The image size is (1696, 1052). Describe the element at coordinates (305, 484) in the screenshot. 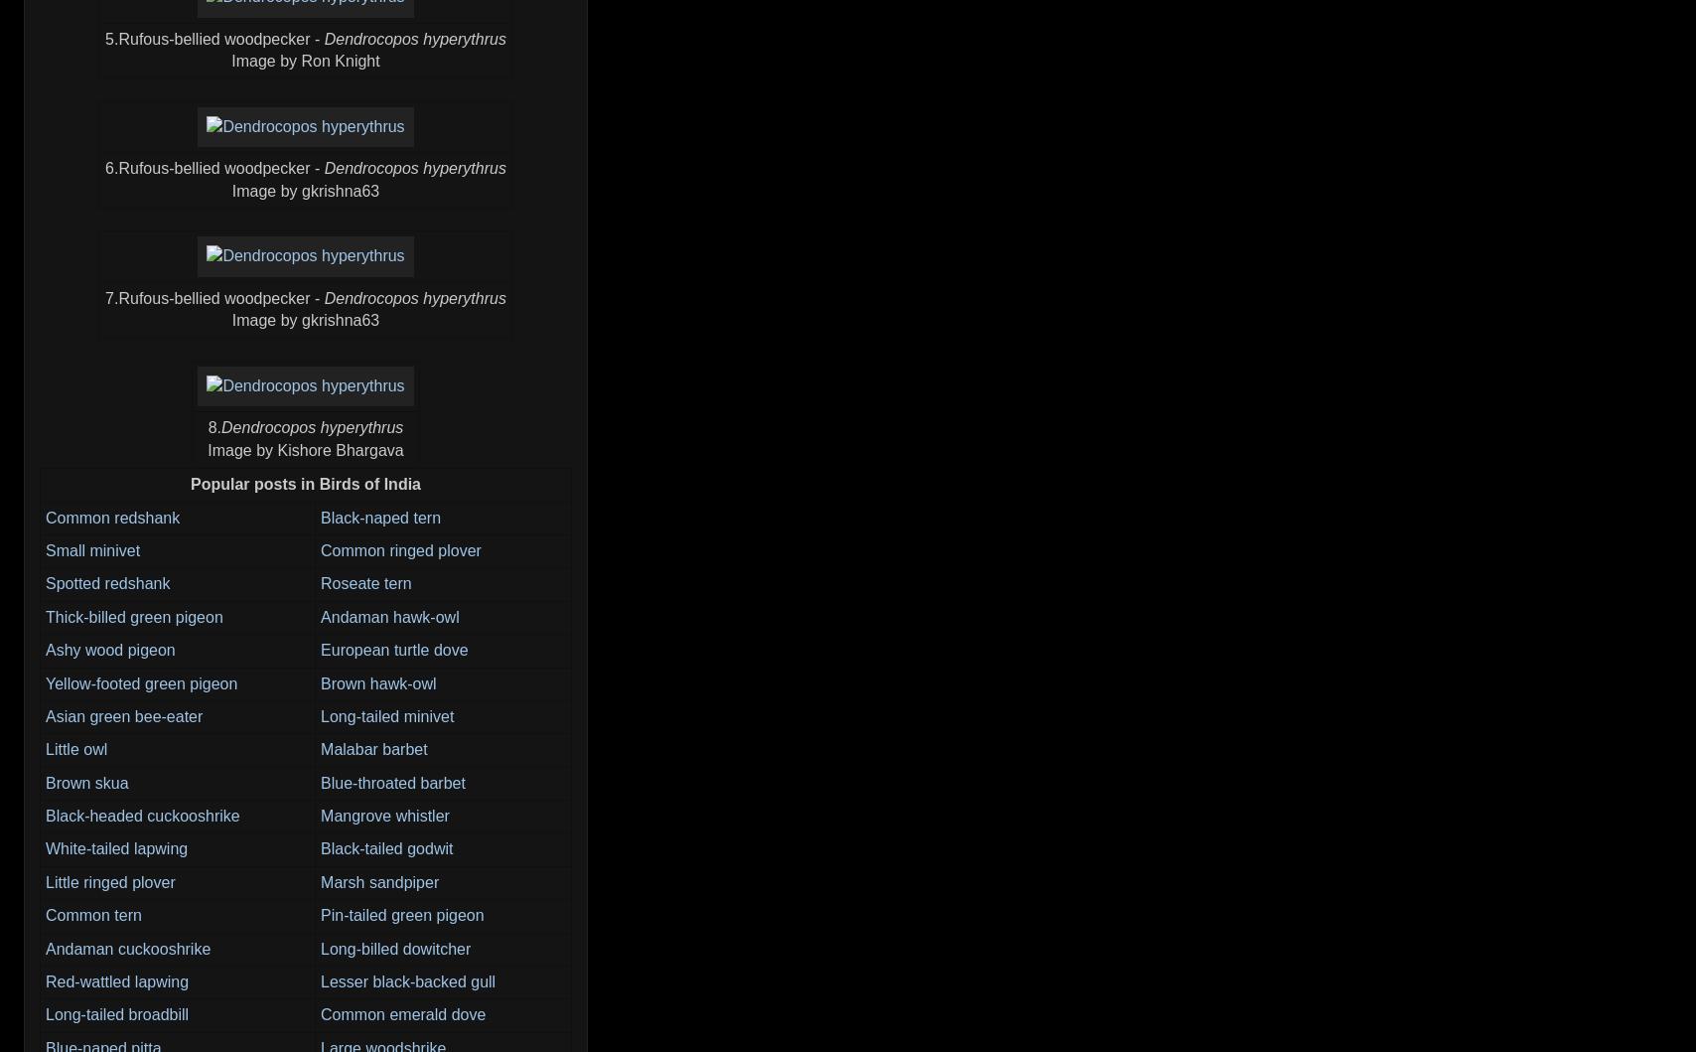

I see `'Popular posts in Birds of India'` at that location.